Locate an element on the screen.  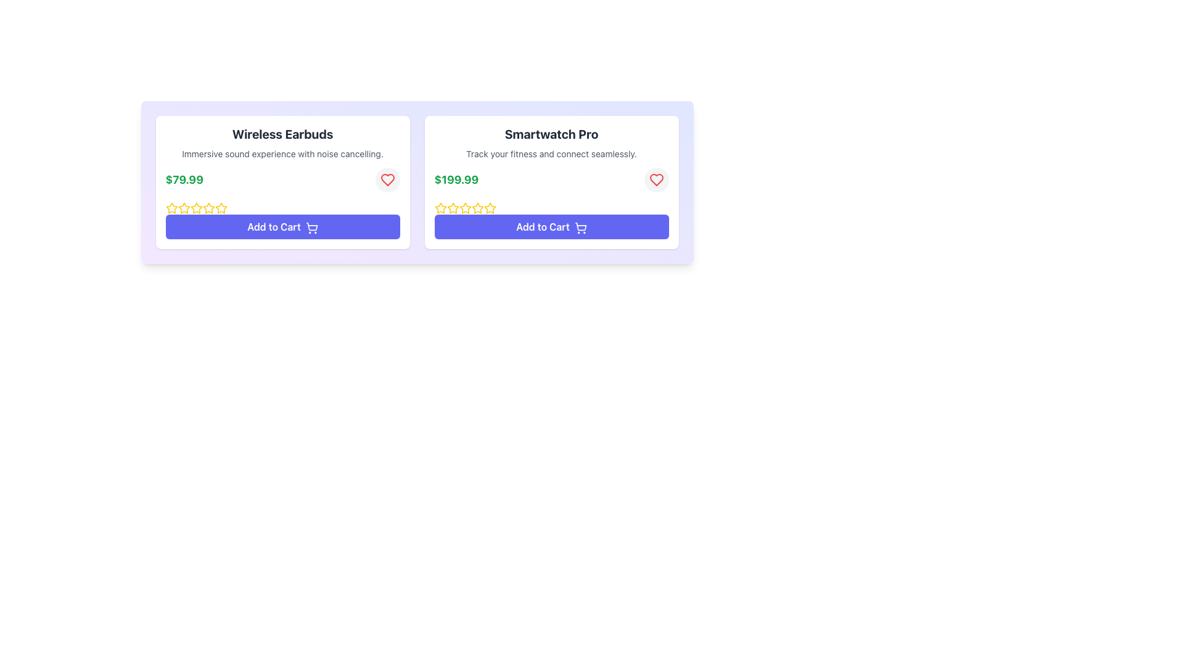
the third star icon in the rating system for the 'Smartwatch Pro' product card to interact with the rating system is located at coordinates (452, 208).